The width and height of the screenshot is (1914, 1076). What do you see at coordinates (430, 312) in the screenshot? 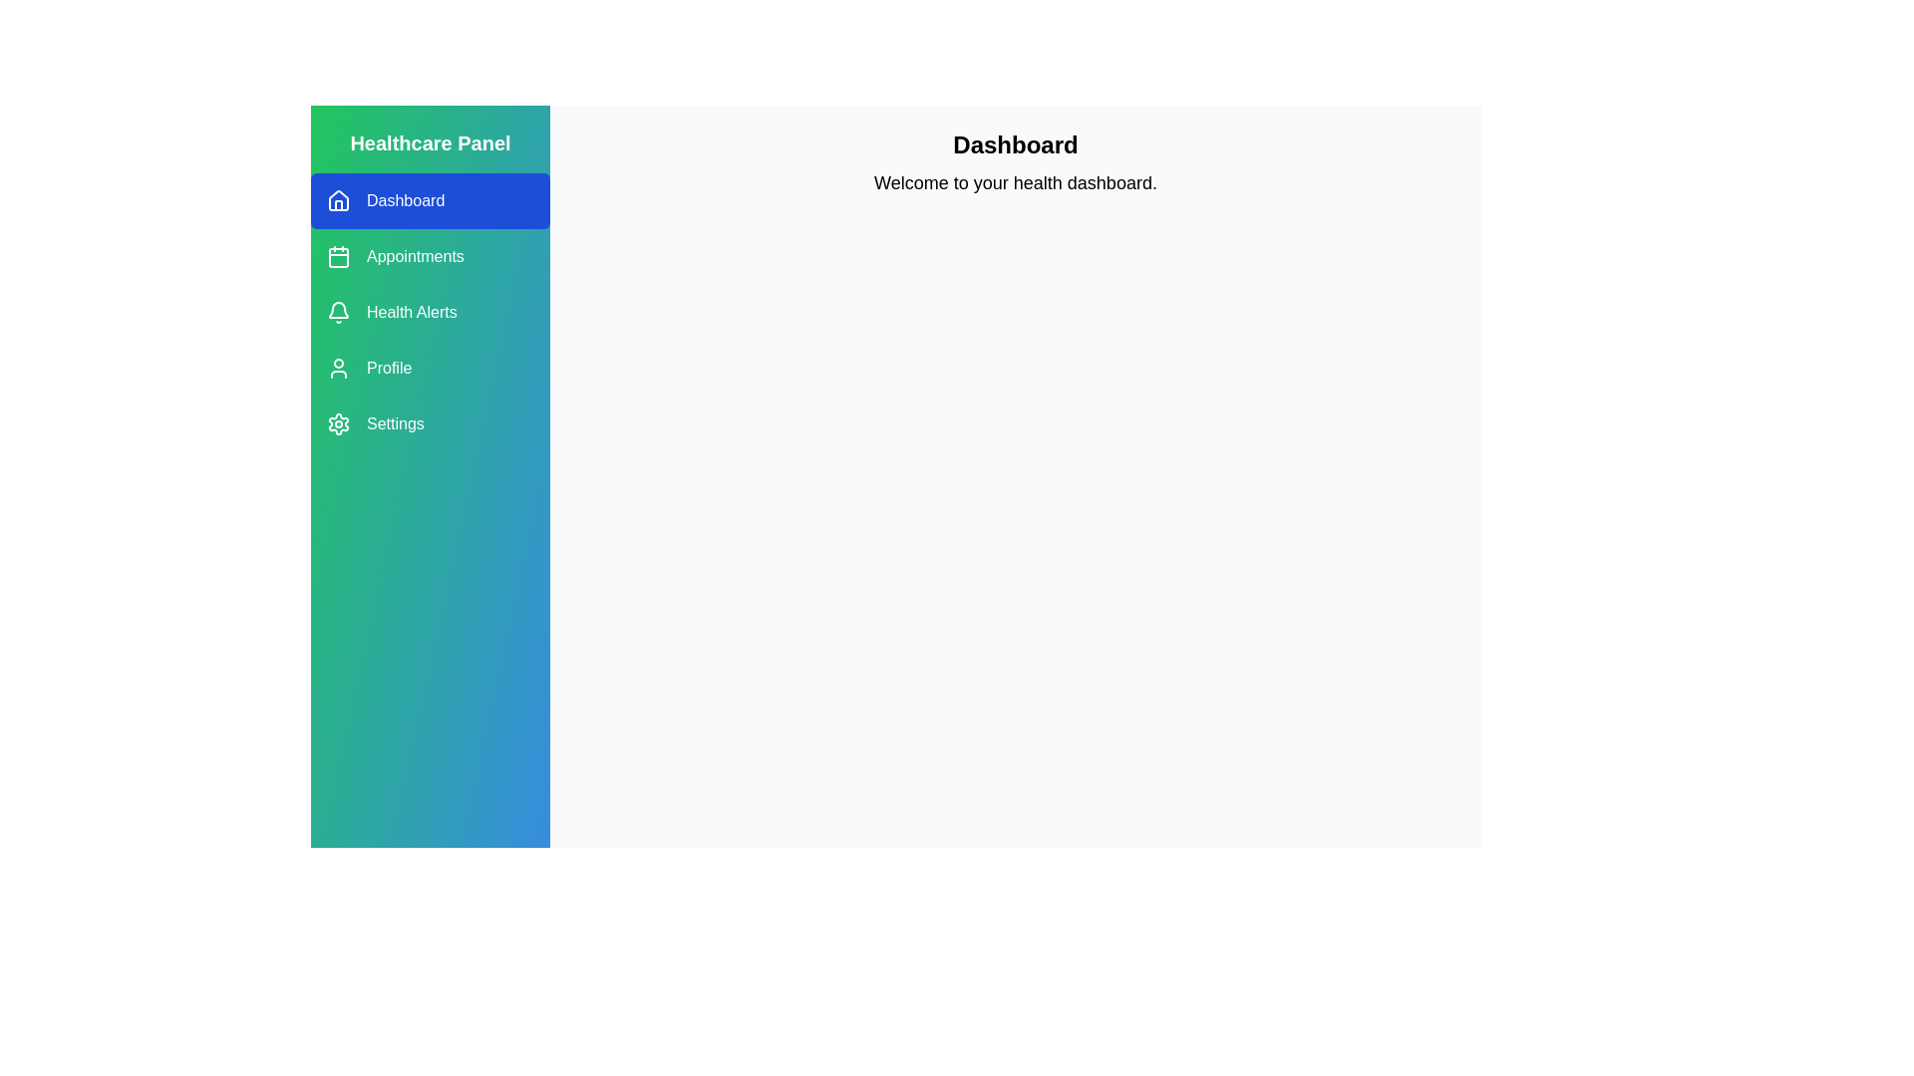
I see `the navigation button for health alerts located in the sidebar menu, positioned between 'Appointments' and 'Profile'` at bounding box center [430, 312].